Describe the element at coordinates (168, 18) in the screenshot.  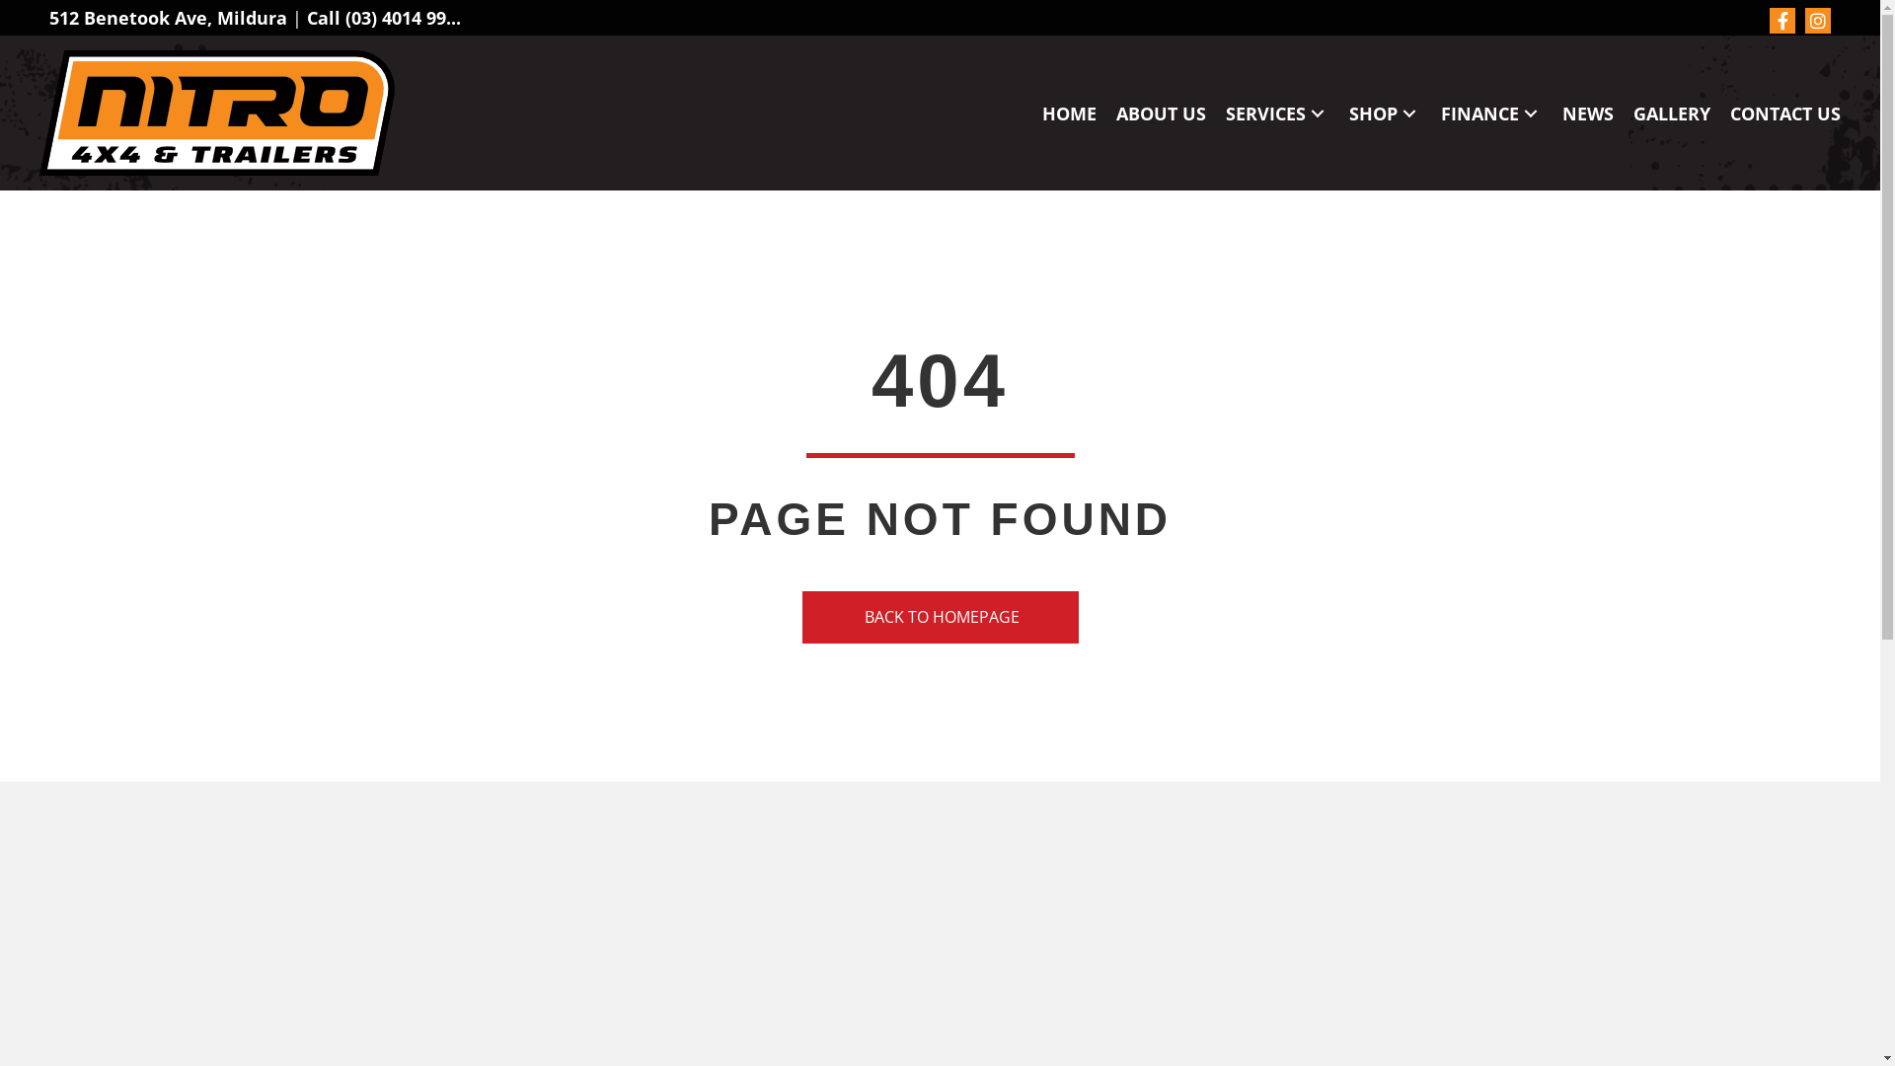
I see `'512 Benetook Ave, Mildura'` at that location.